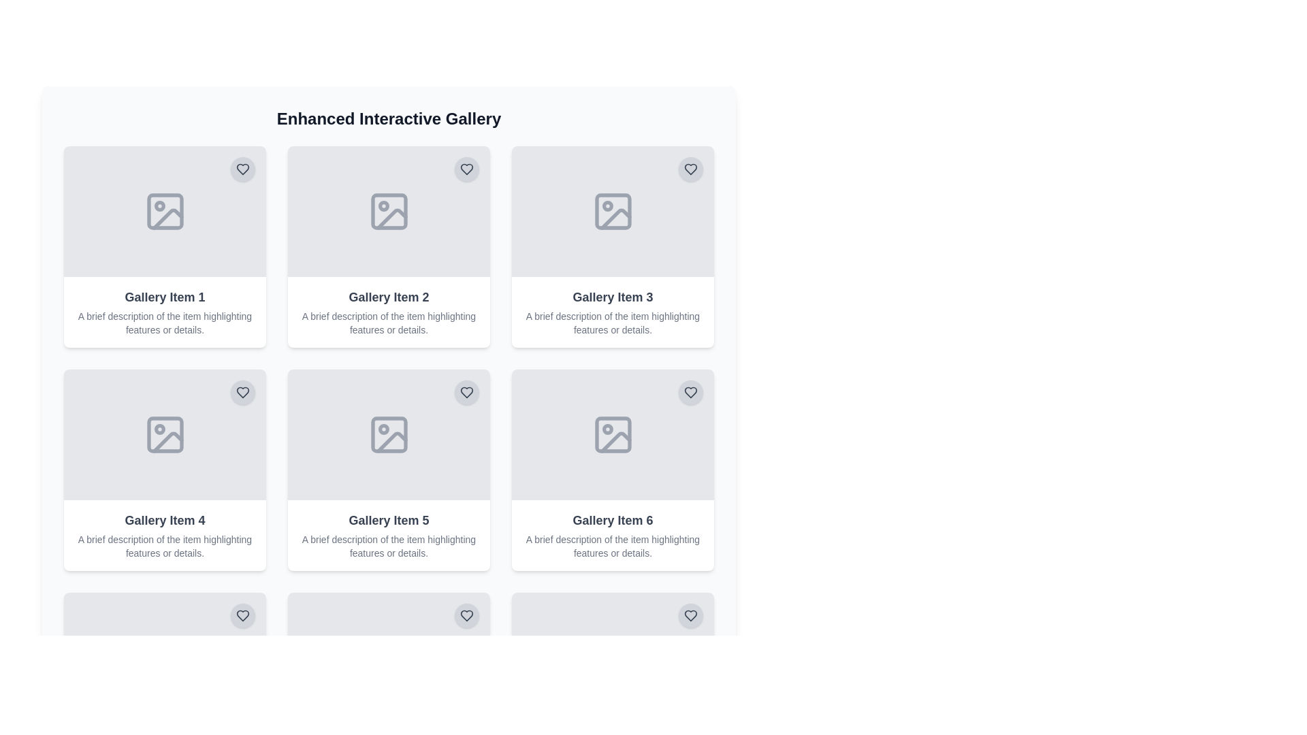 The height and width of the screenshot is (735, 1307). I want to click on the heart-shaped icon button located at the top right corner of 'Gallery Item 4' in the 'Enhanced Interactive Gallery', so click(242, 616).